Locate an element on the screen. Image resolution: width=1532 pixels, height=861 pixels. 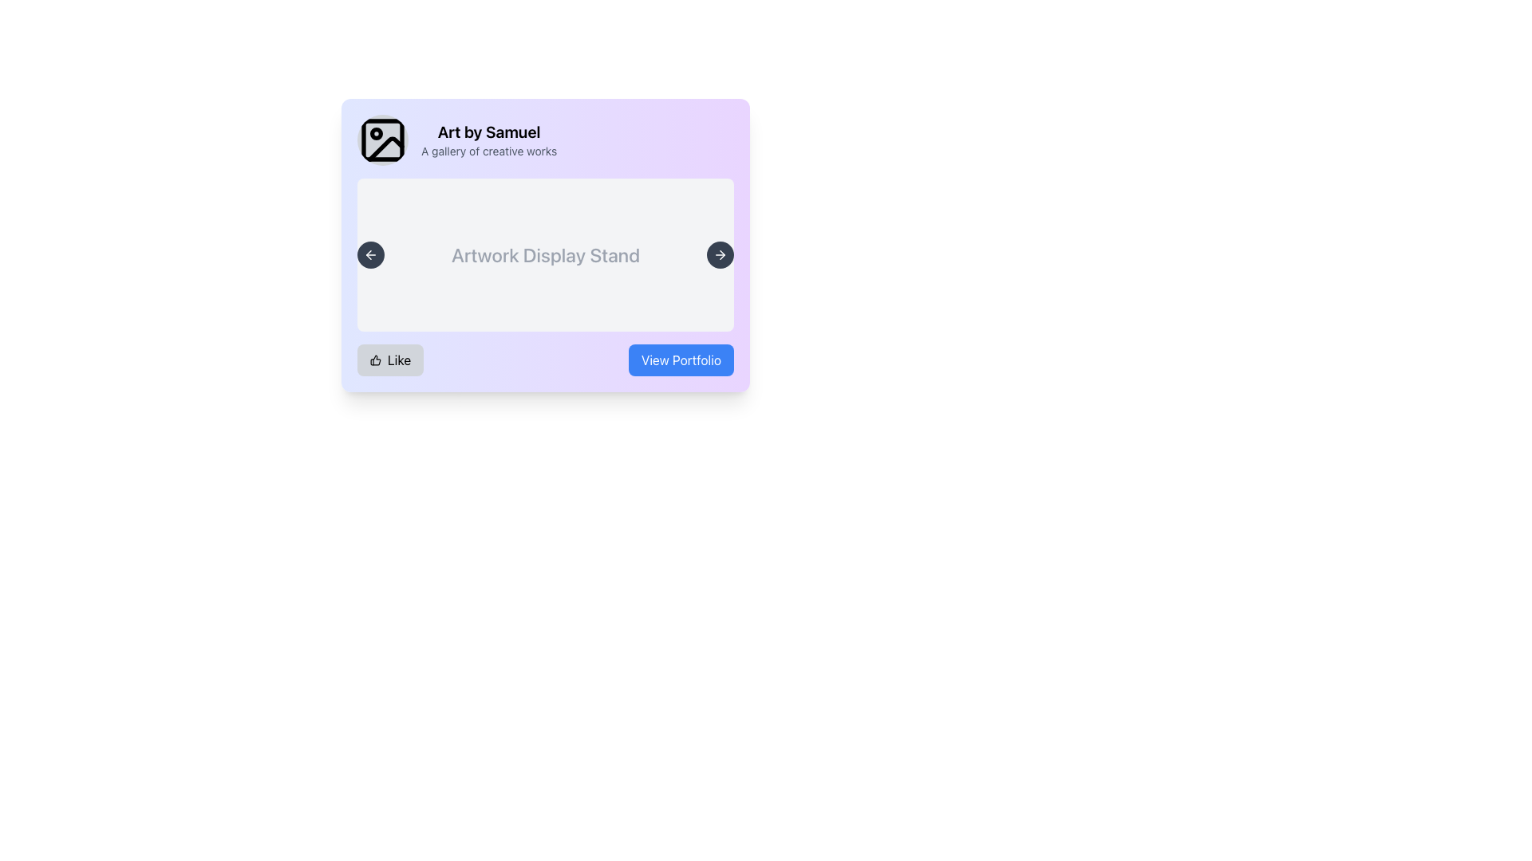
the circular button with a dark gray background and white arrow pointing to the right, located in the right-center part of the 'Artwork Display Stand' card is located at coordinates (719, 254).